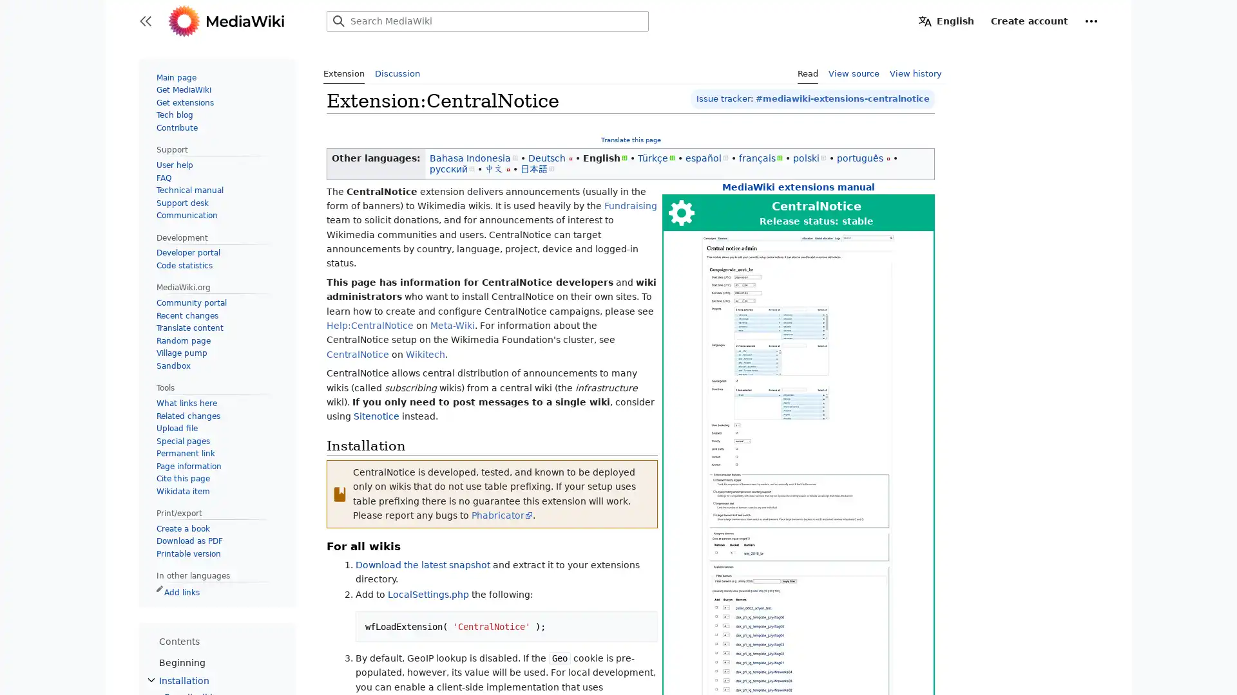  What do you see at coordinates (151, 679) in the screenshot?
I see `Toggle Installation subsection` at bounding box center [151, 679].